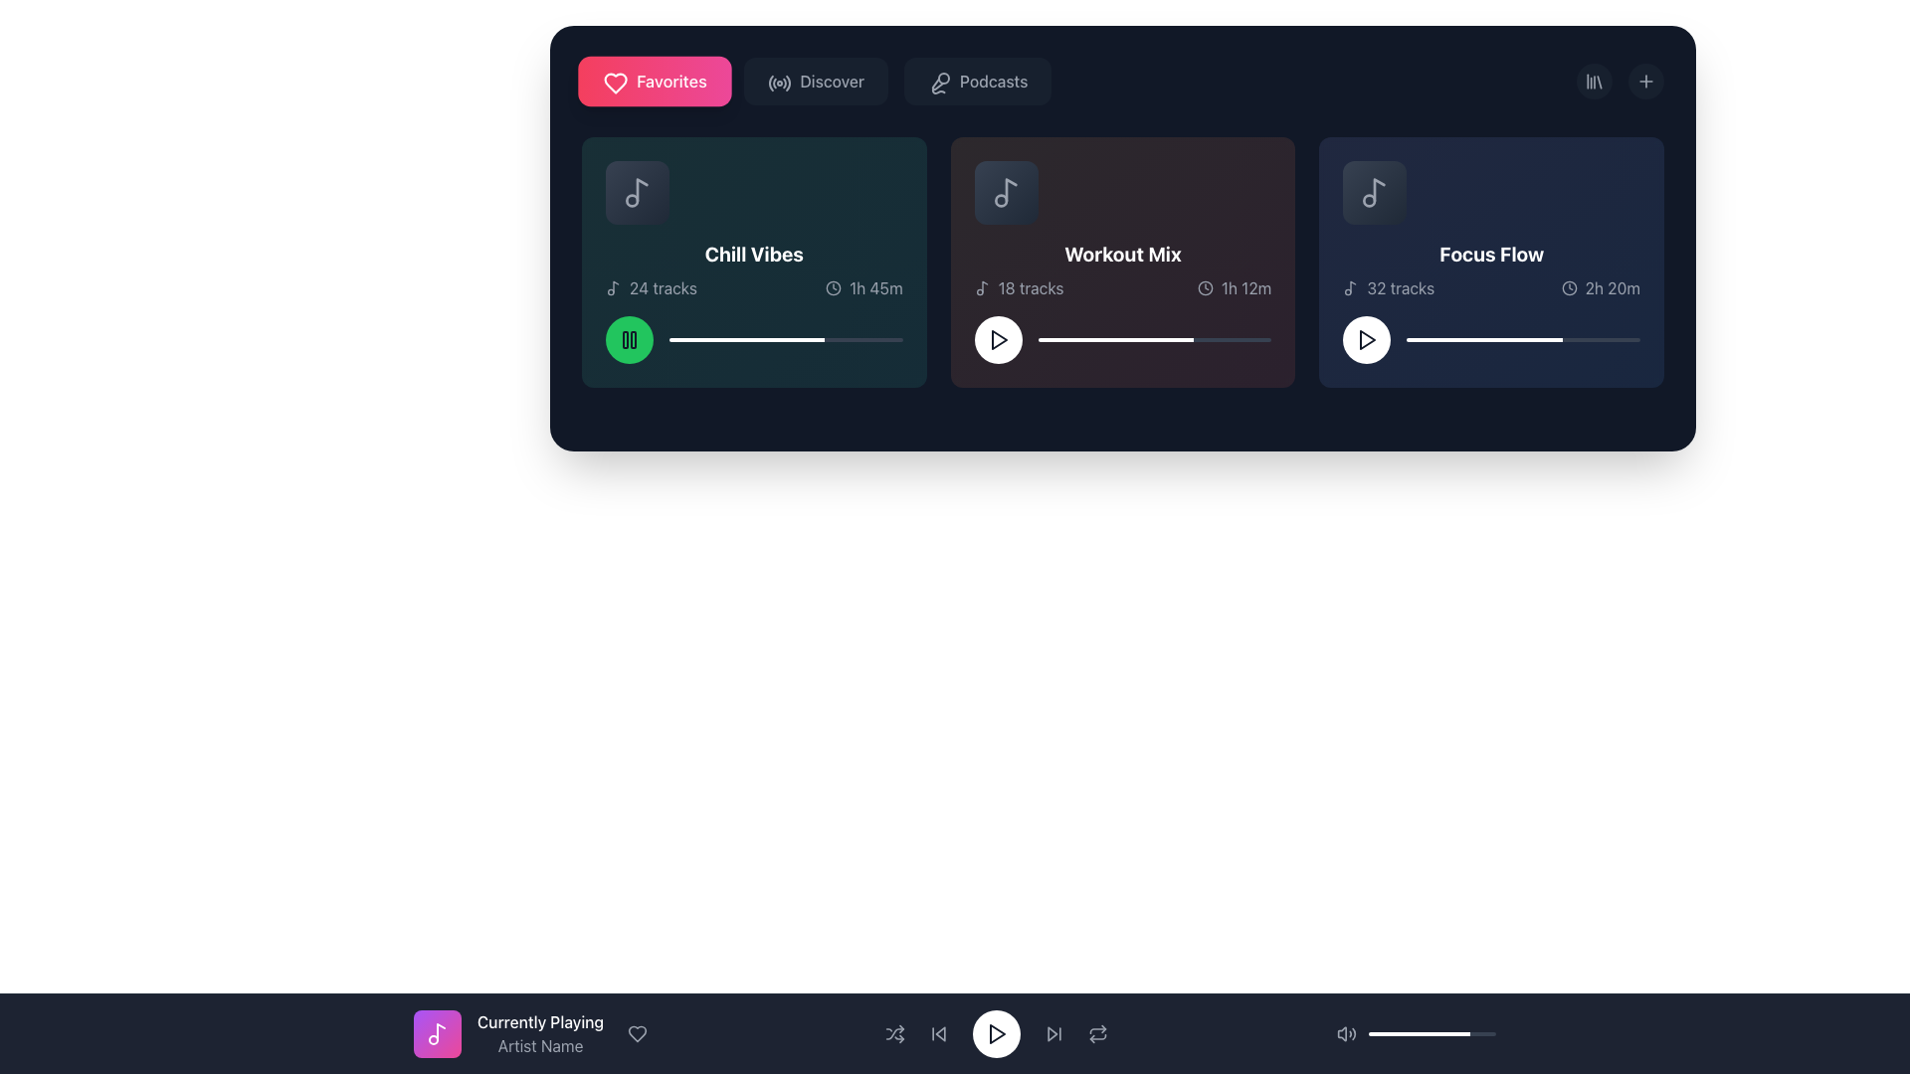  Describe the element at coordinates (936, 80) in the screenshot. I see `the gray microphone icon within the 'Podcasts' button, which is rendered in a minimalist line-art style` at that location.